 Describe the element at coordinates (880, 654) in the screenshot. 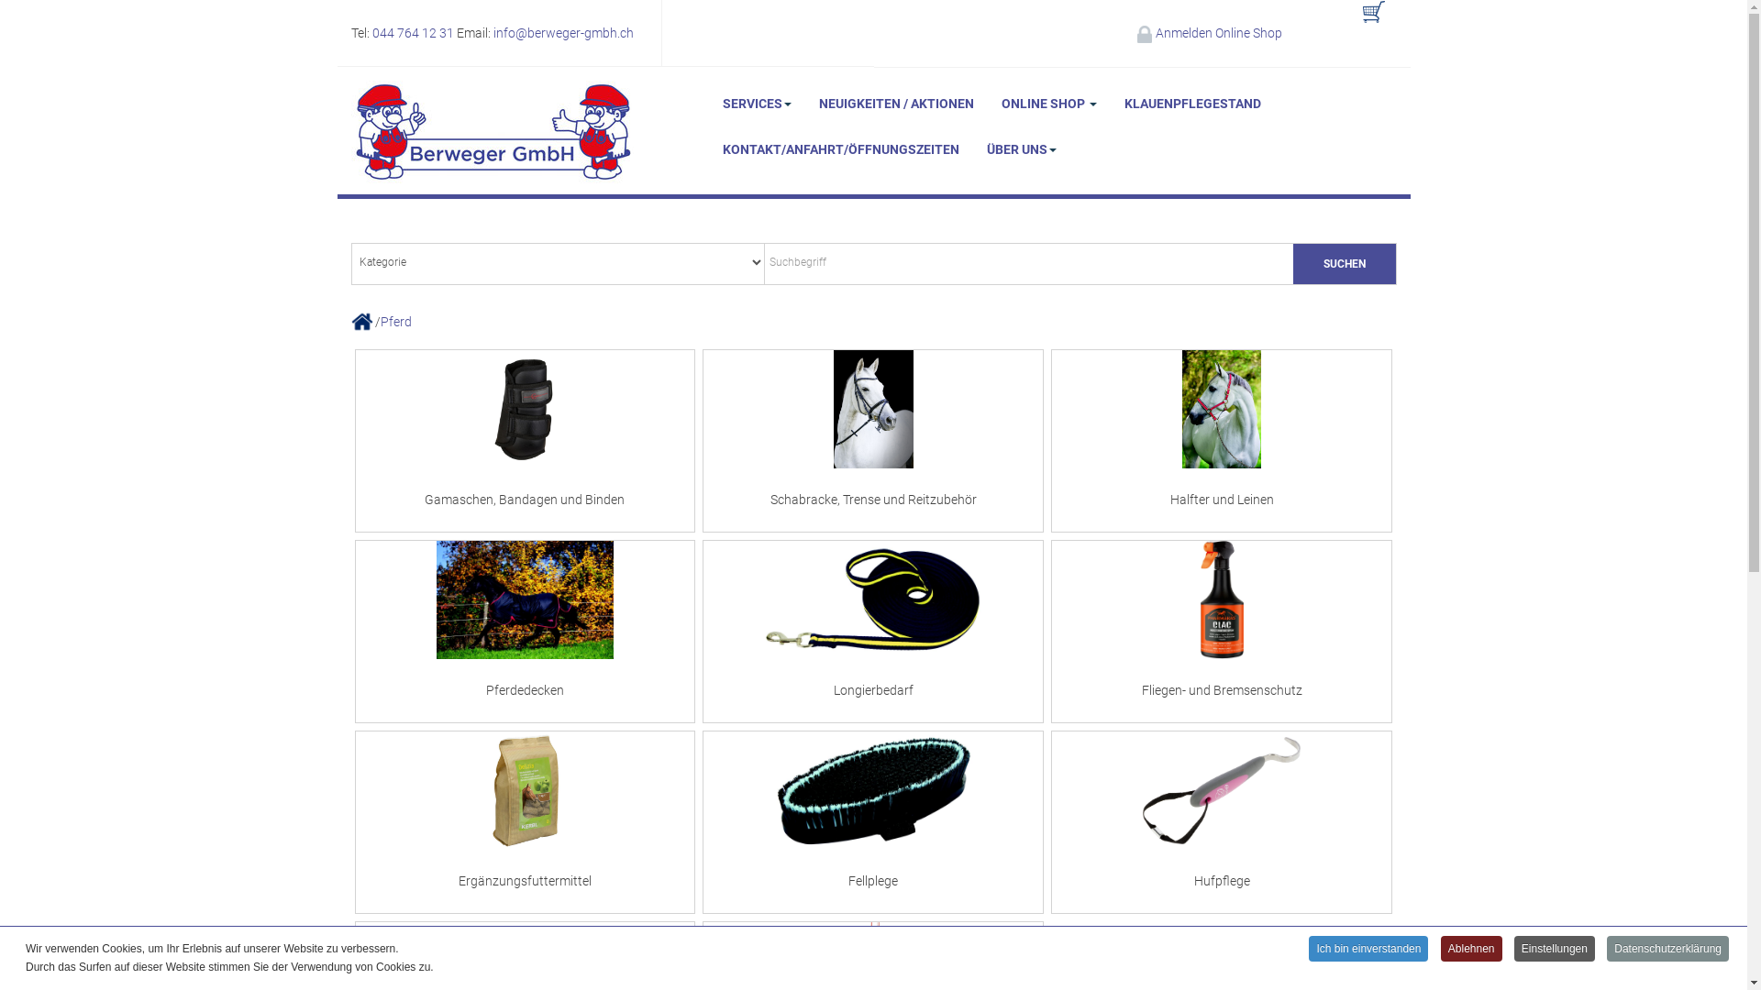

I see `'Cookies ablehnen'` at that location.